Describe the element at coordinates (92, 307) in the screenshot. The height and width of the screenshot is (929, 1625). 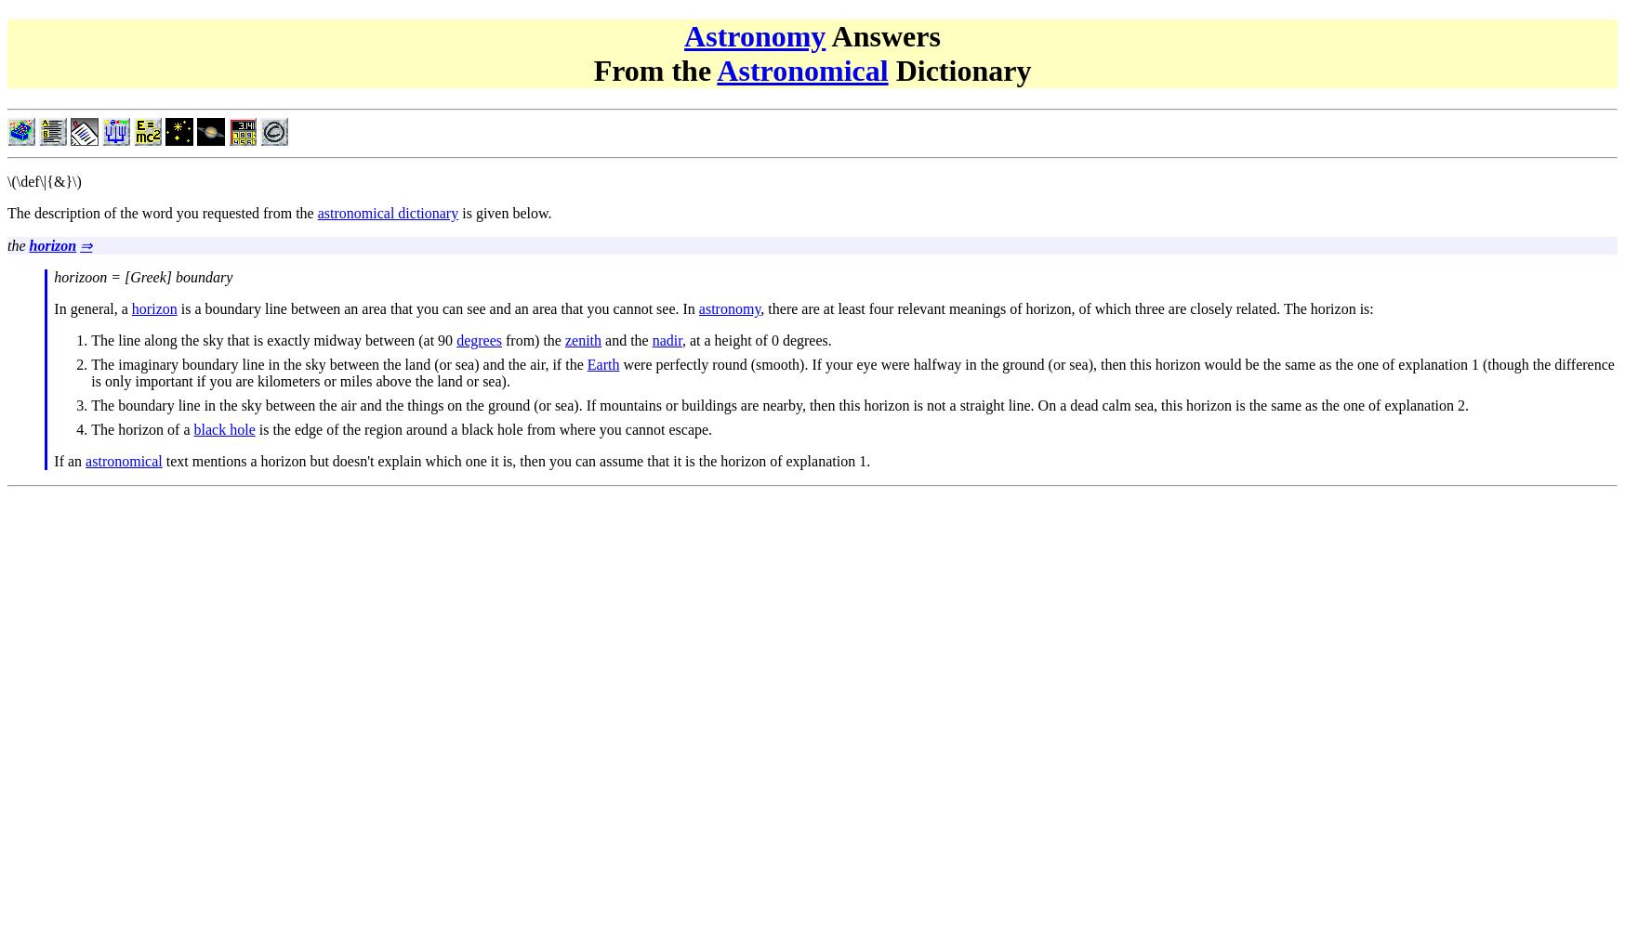
I see `'In general, a'` at that location.